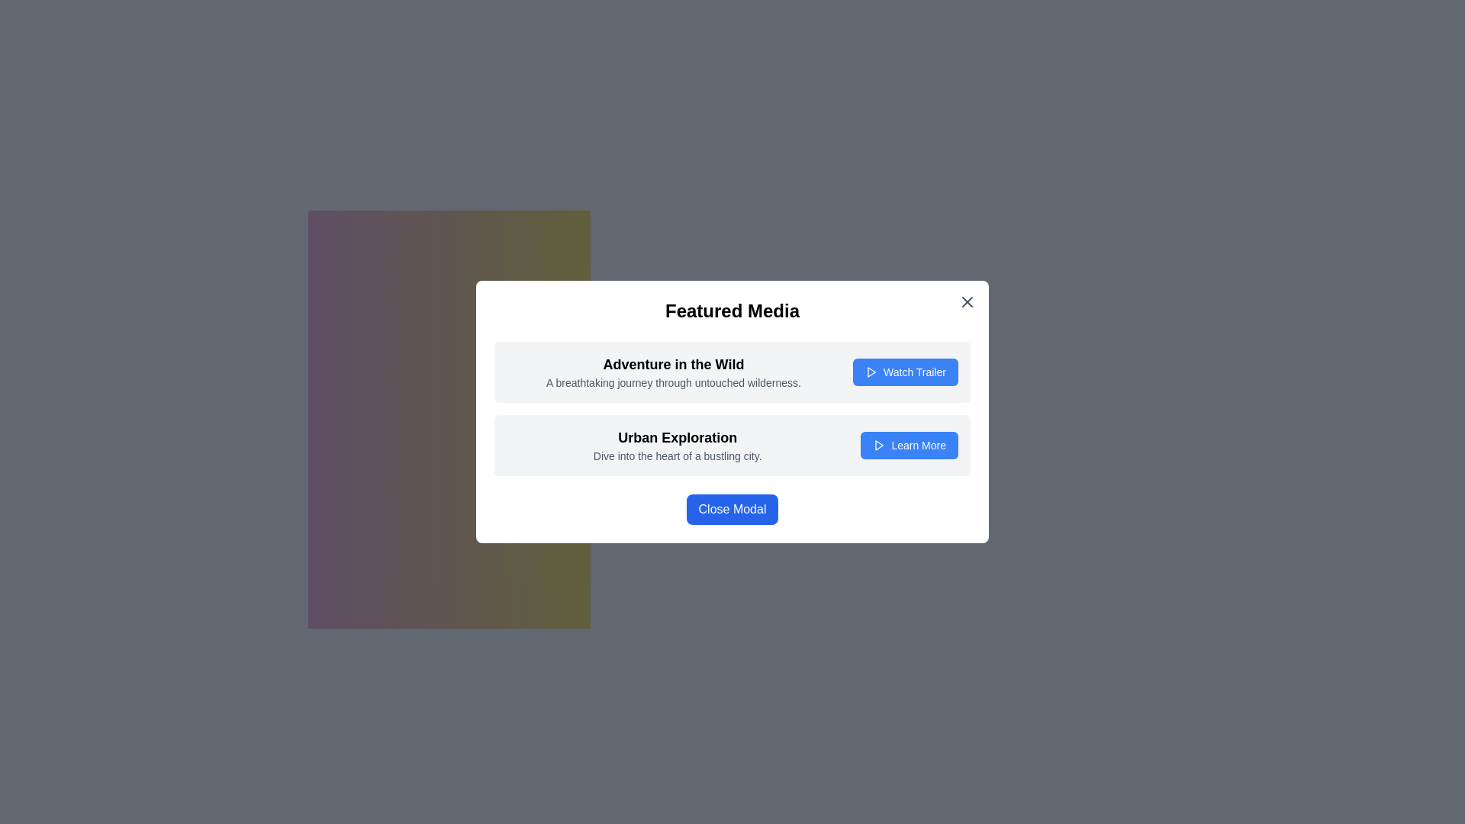 This screenshot has height=824, width=1465. What do you see at coordinates (677, 445) in the screenshot?
I see `the static text block displaying 'Urban Exploration' which includes a bold header and a lighter paragraph, located beneath the 'Adventure in the Wild' section` at bounding box center [677, 445].